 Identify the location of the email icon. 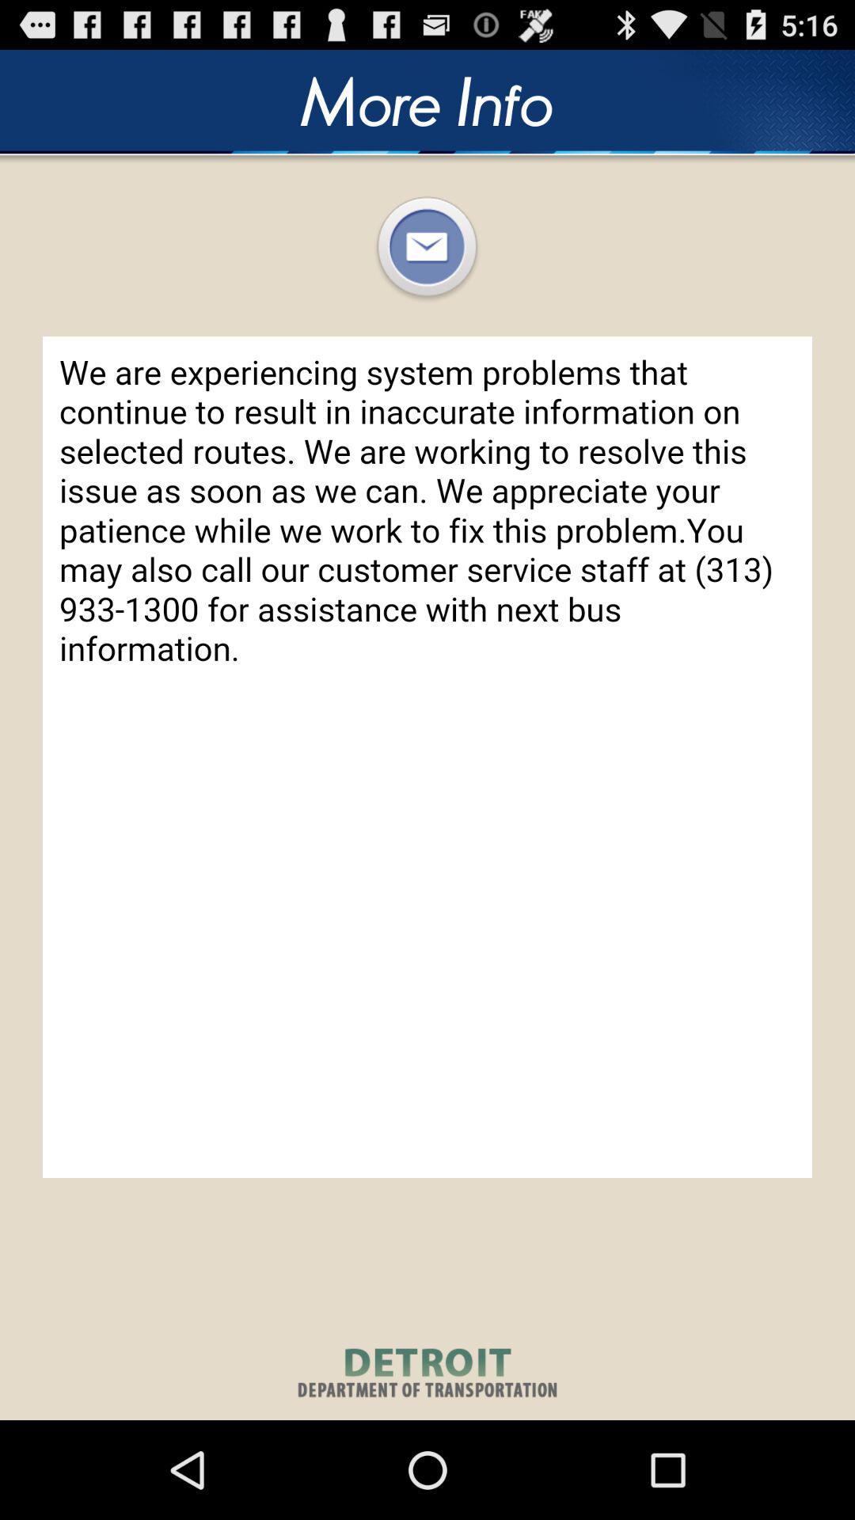
(426, 268).